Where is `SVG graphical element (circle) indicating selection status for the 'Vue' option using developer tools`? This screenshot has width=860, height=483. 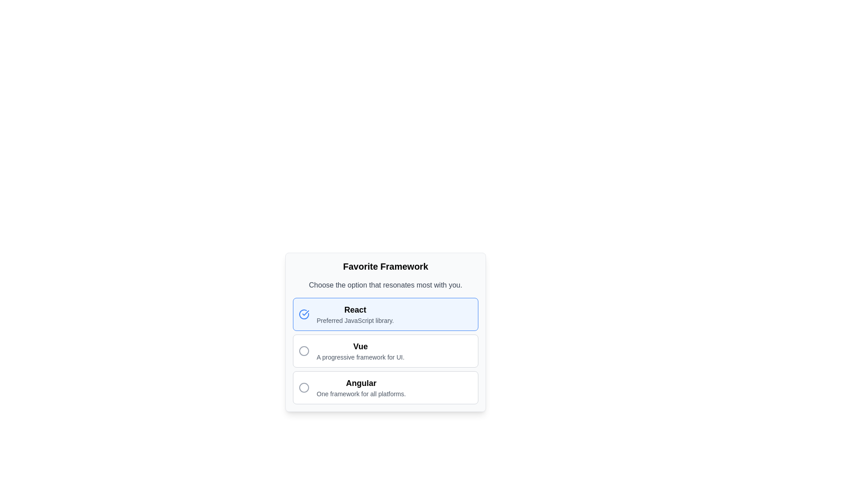
SVG graphical element (circle) indicating selection status for the 'Vue' option using developer tools is located at coordinates (304, 351).